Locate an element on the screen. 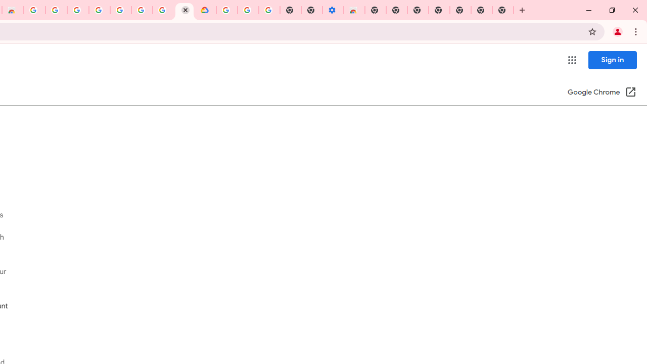 The height and width of the screenshot is (364, 647). 'Turn cookies on or off - Computer - Google Account Help' is located at coordinates (269, 10).